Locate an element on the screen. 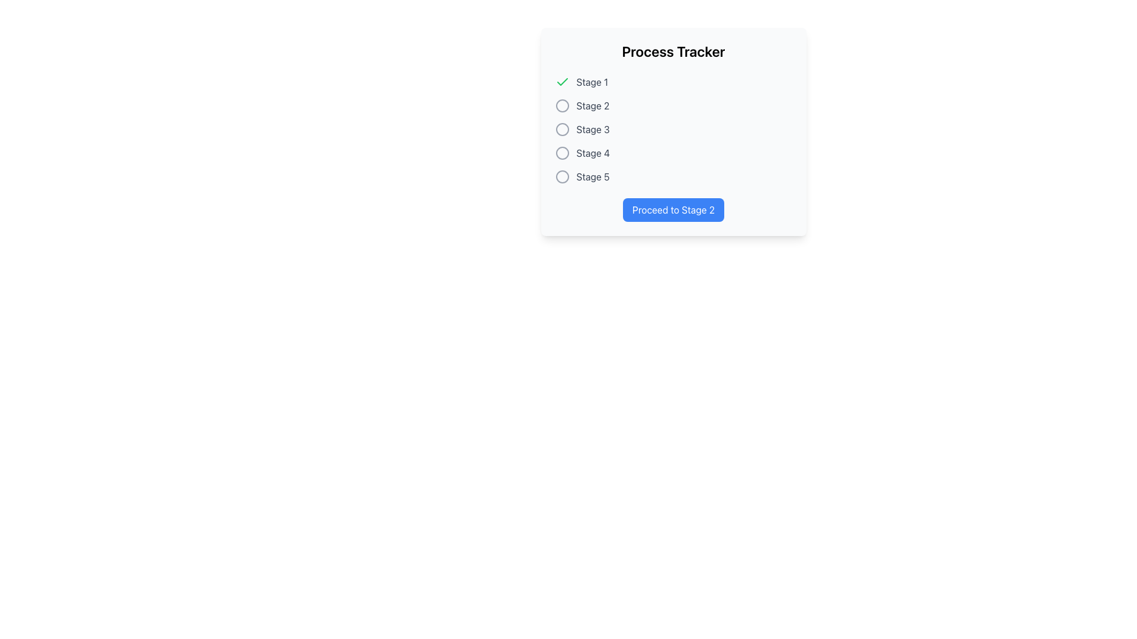 This screenshot has width=1137, height=639. the 'Stage 3' label in the step tracker interface is located at coordinates (582, 130).